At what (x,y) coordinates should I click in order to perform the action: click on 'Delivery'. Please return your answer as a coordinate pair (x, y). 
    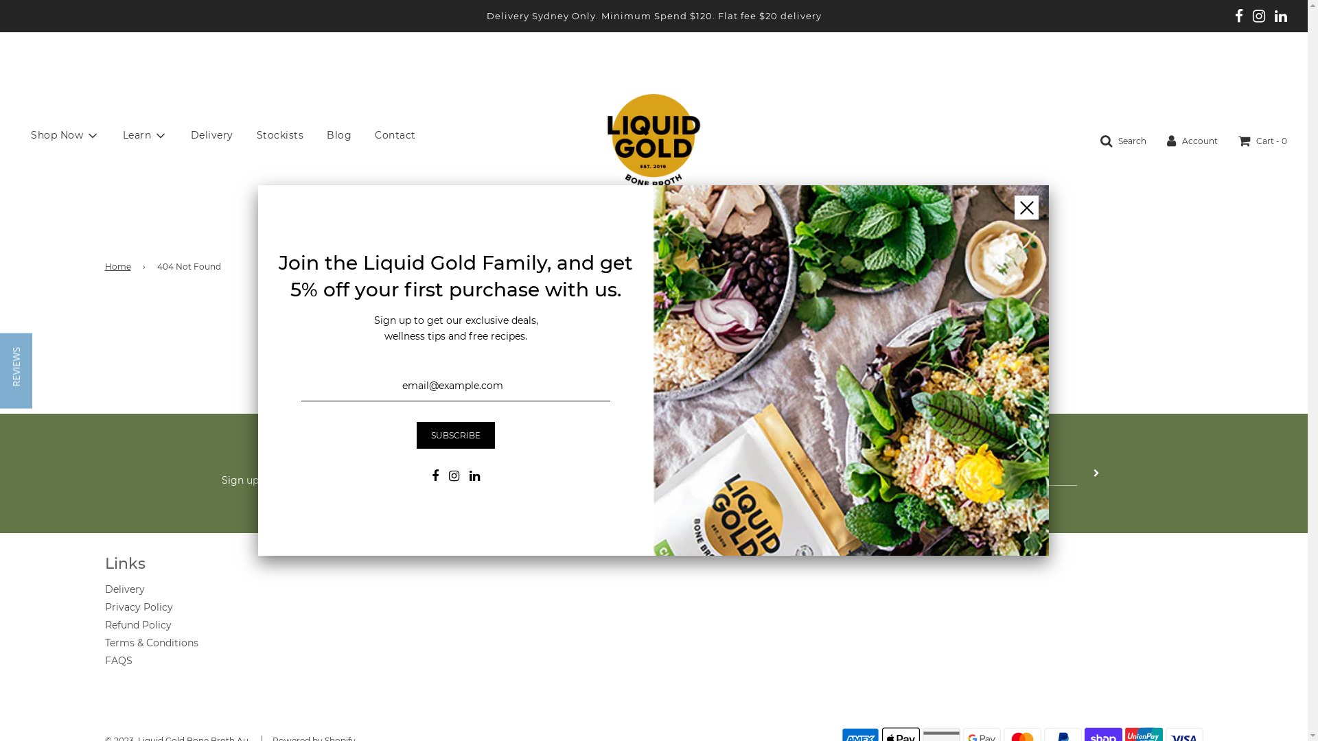
    Looking at the image, I should click on (179, 134).